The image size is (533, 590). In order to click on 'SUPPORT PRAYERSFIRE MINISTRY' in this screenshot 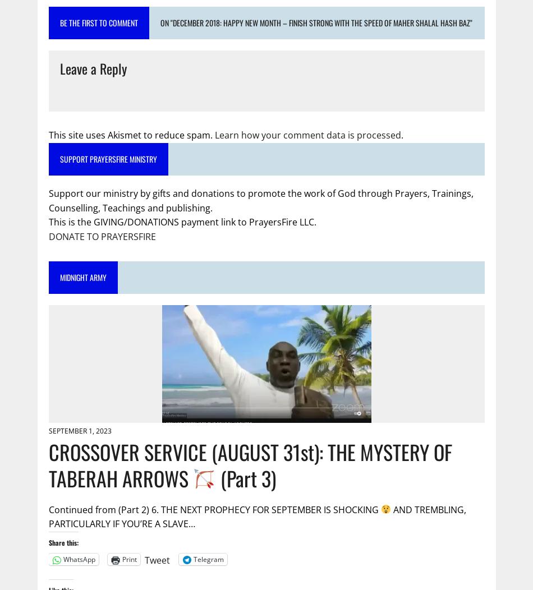, I will do `click(108, 158)`.